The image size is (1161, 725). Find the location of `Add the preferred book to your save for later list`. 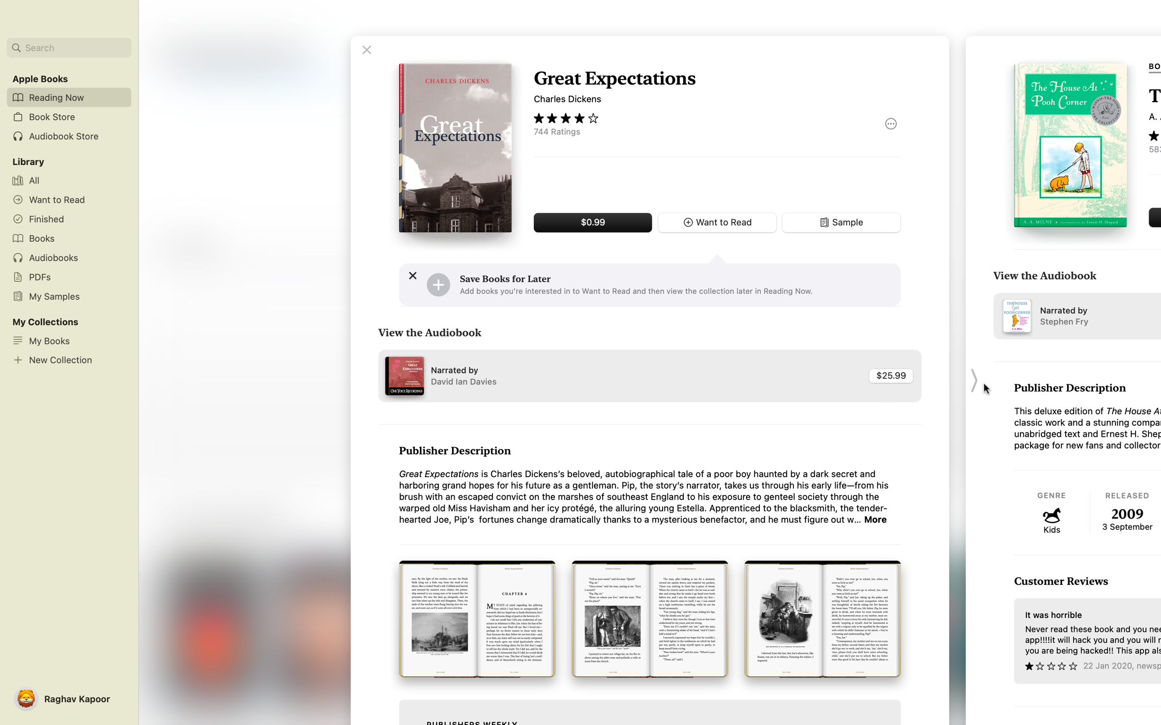

Add the preferred book to your save for later list is located at coordinates (438, 284).